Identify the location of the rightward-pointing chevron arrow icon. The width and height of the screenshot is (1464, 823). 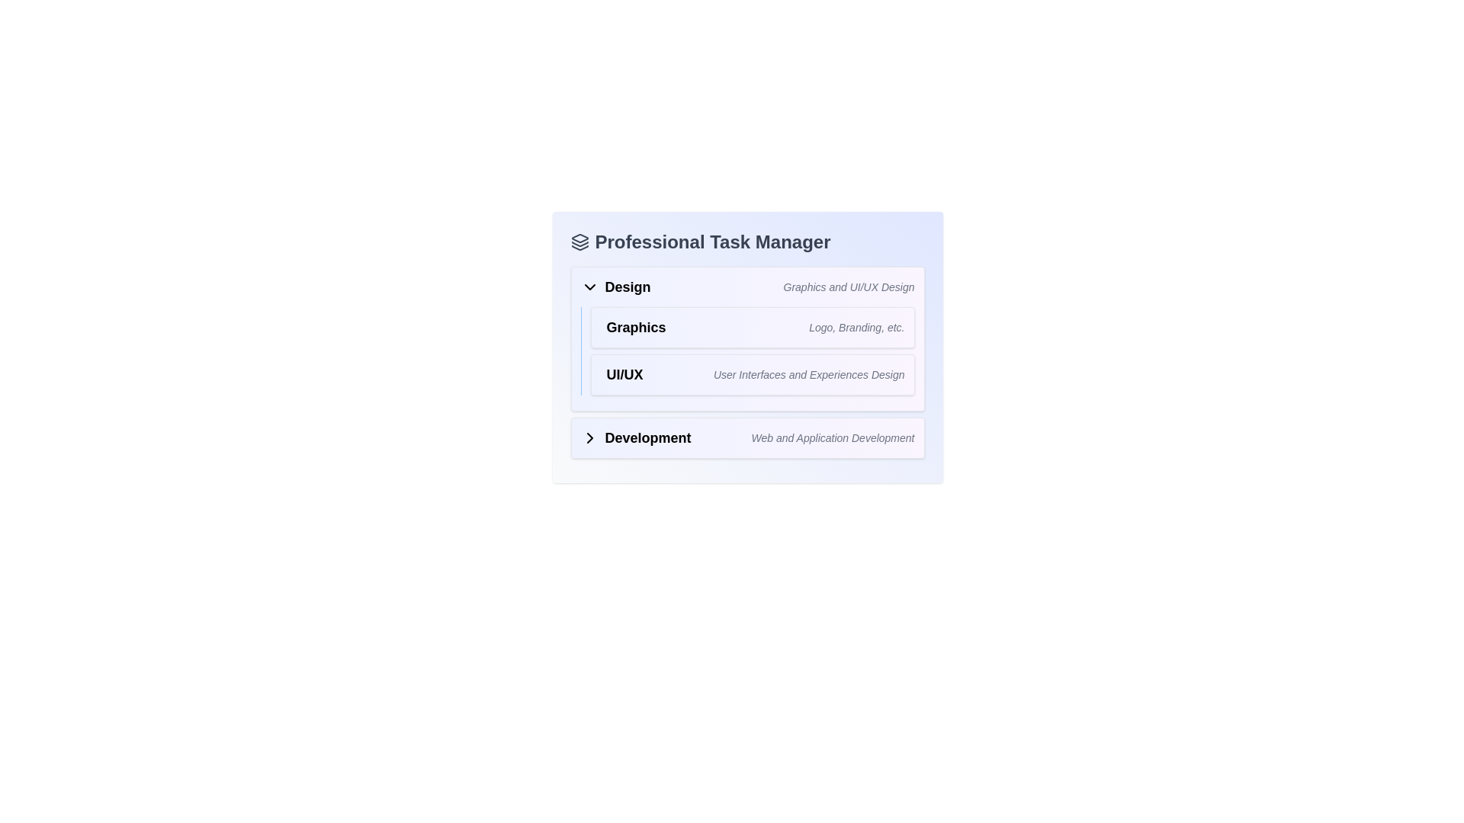
(589, 437).